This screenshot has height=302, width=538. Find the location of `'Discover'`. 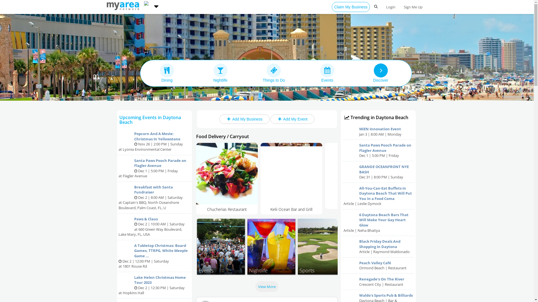

'Discover' is located at coordinates (355, 73).